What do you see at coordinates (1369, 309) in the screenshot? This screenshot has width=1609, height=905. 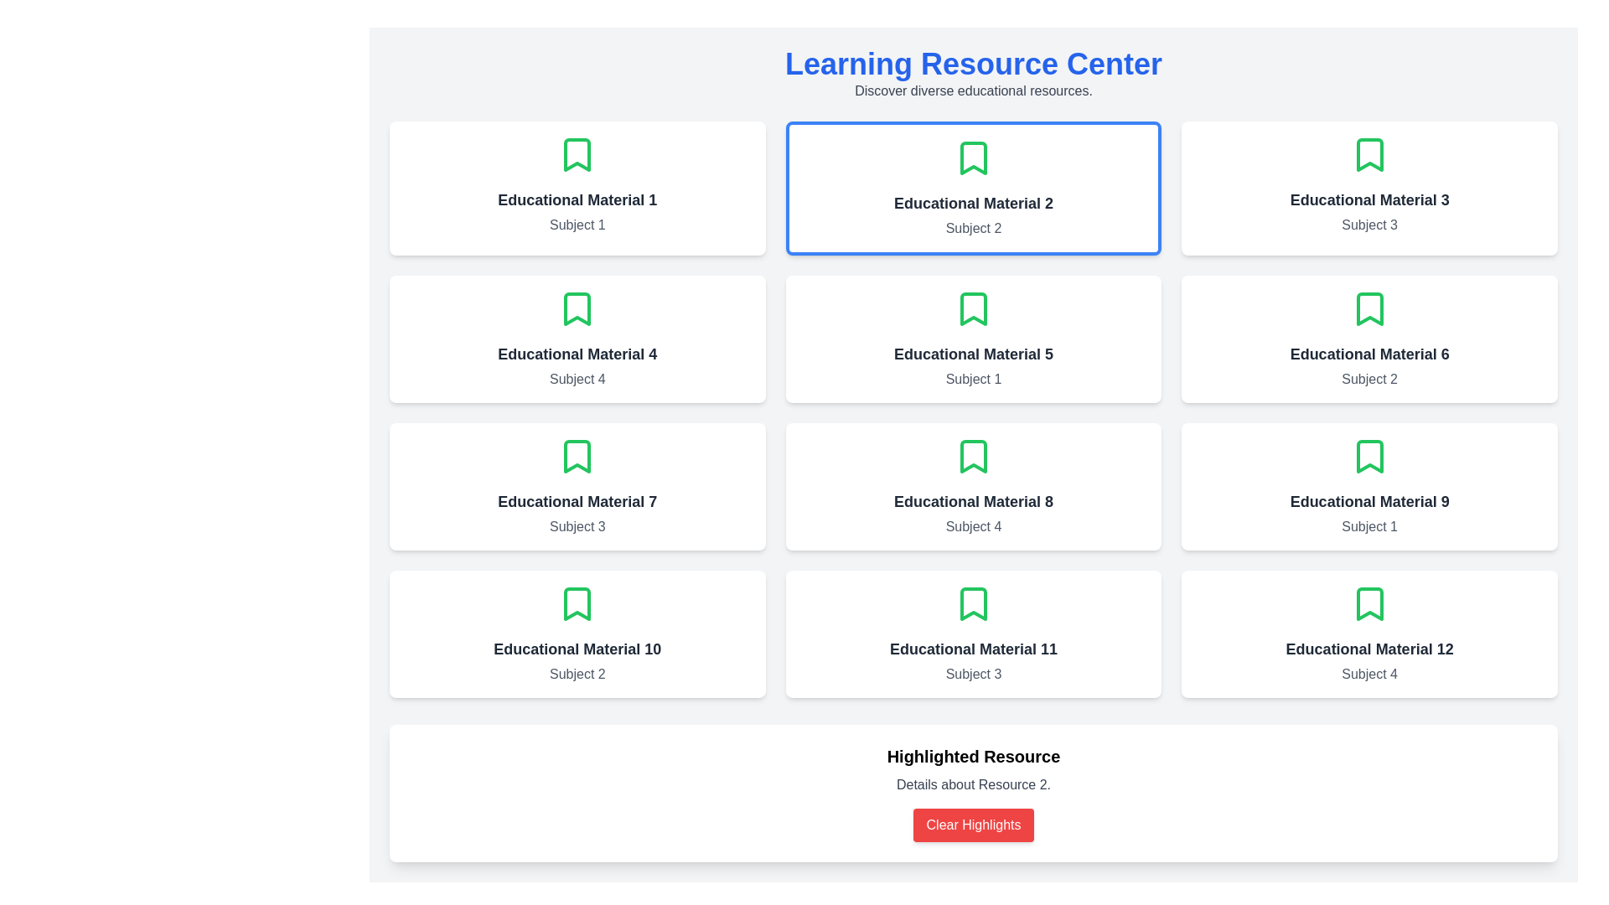 I see `the bookmark-shaped icon with a green stroke located at the top-center of the 'Educational Material 6' card, positioned above its title` at bounding box center [1369, 309].